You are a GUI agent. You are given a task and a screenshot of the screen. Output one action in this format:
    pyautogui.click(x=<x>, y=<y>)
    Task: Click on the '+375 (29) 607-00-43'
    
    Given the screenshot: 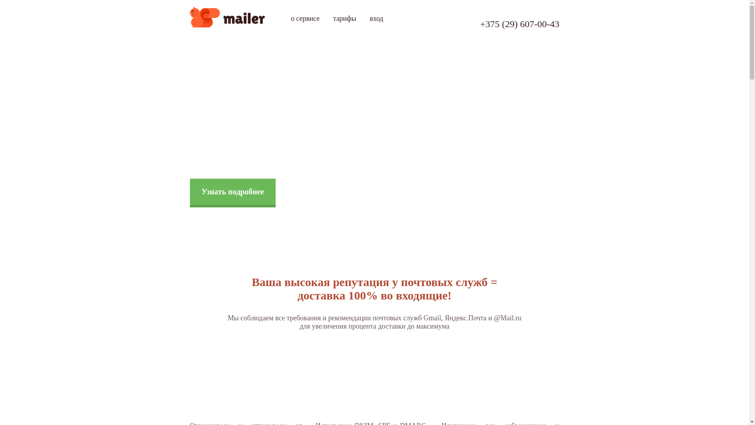 What is the action you would take?
    pyautogui.click(x=519, y=24)
    